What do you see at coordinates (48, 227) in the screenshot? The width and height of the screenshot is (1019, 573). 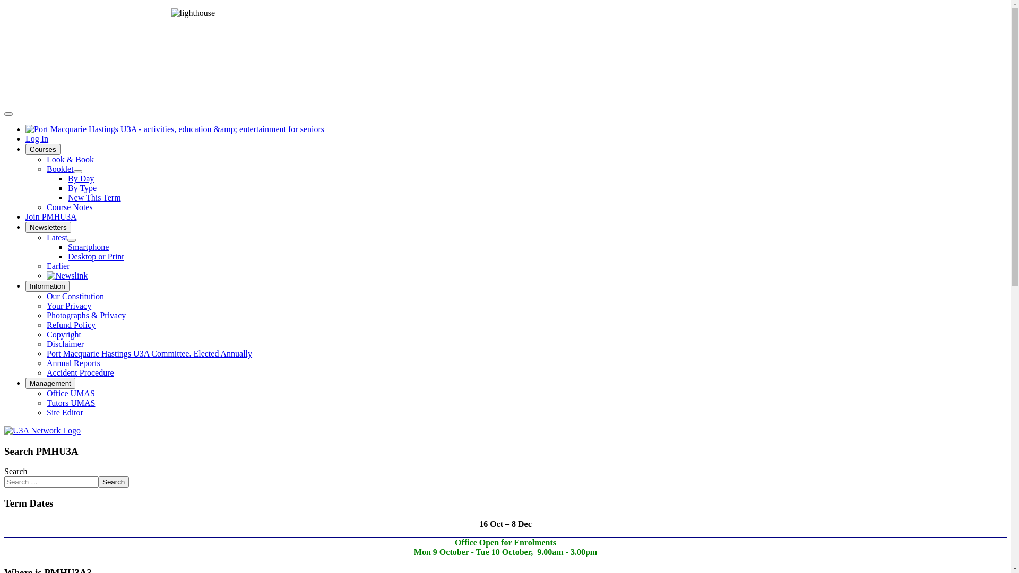 I see `'Newsletters'` at bounding box center [48, 227].